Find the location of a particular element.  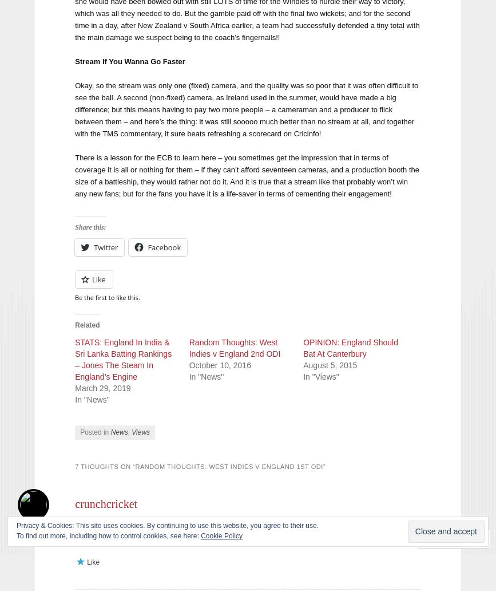

'Follow' is located at coordinates (449, 538).